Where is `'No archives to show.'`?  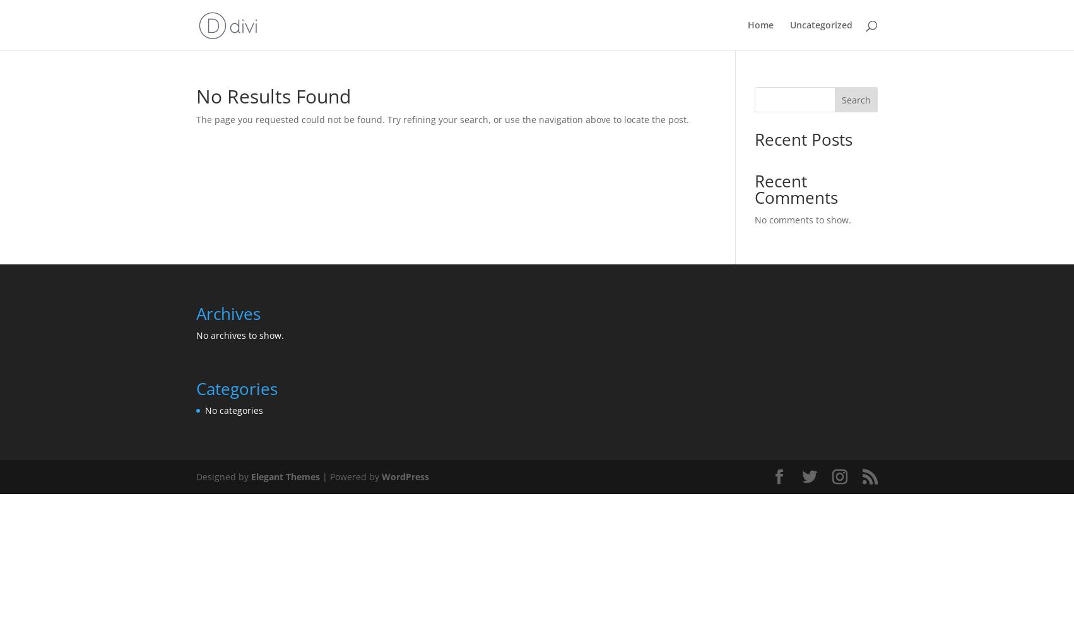 'No archives to show.' is located at coordinates (196, 334).